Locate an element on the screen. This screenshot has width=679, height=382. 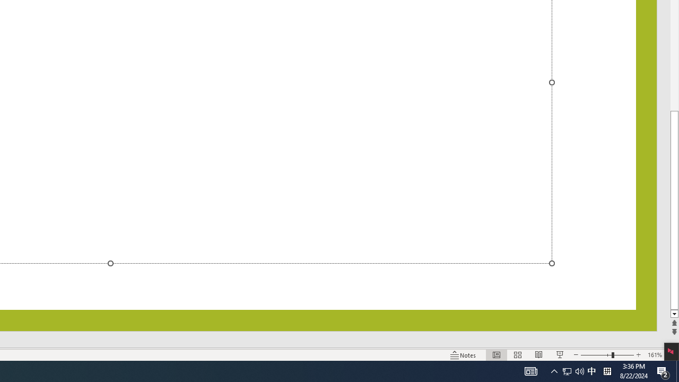
'Zoom' is located at coordinates (607, 355).